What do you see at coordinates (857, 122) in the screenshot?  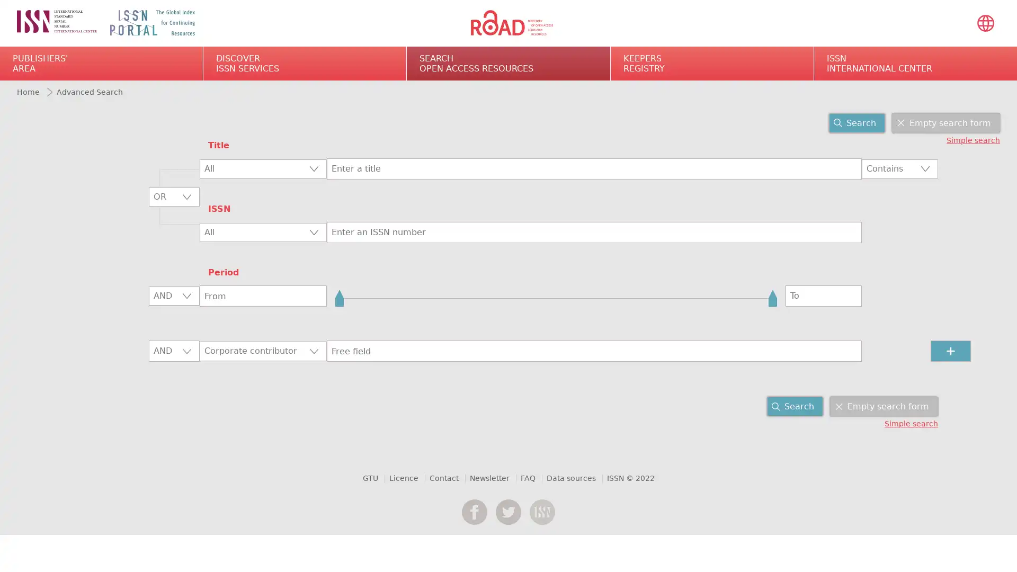 I see `Search` at bounding box center [857, 122].